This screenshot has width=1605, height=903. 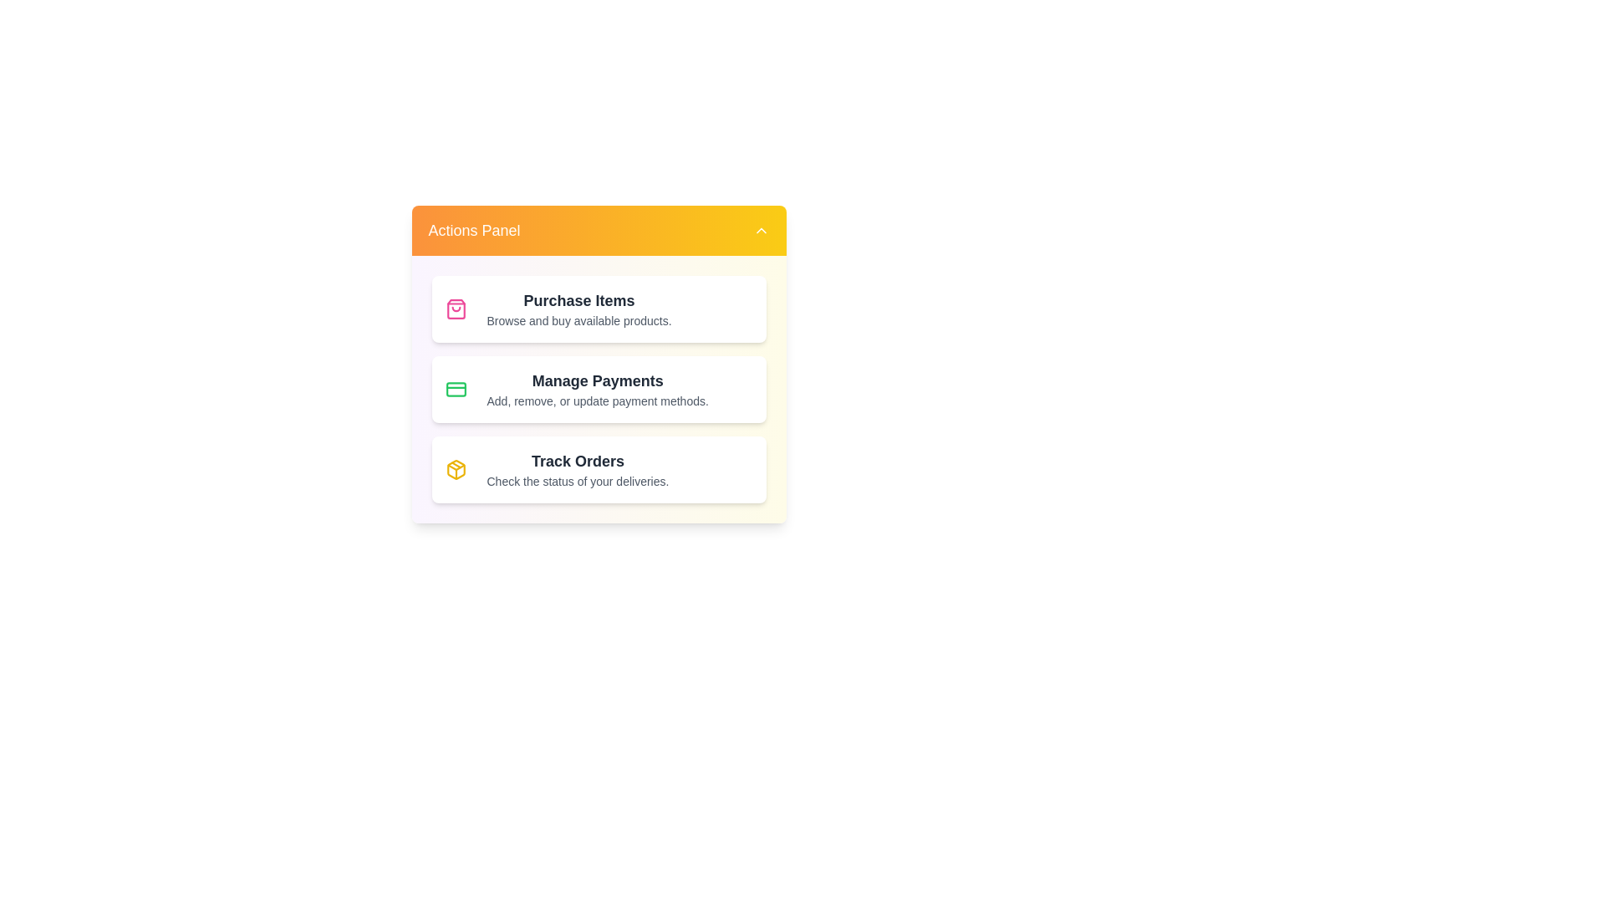 What do you see at coordinates (599, 309) in the screenshot?
I see `the Purchase Items element to observe the hover effect` at bounding box center [599, 309].